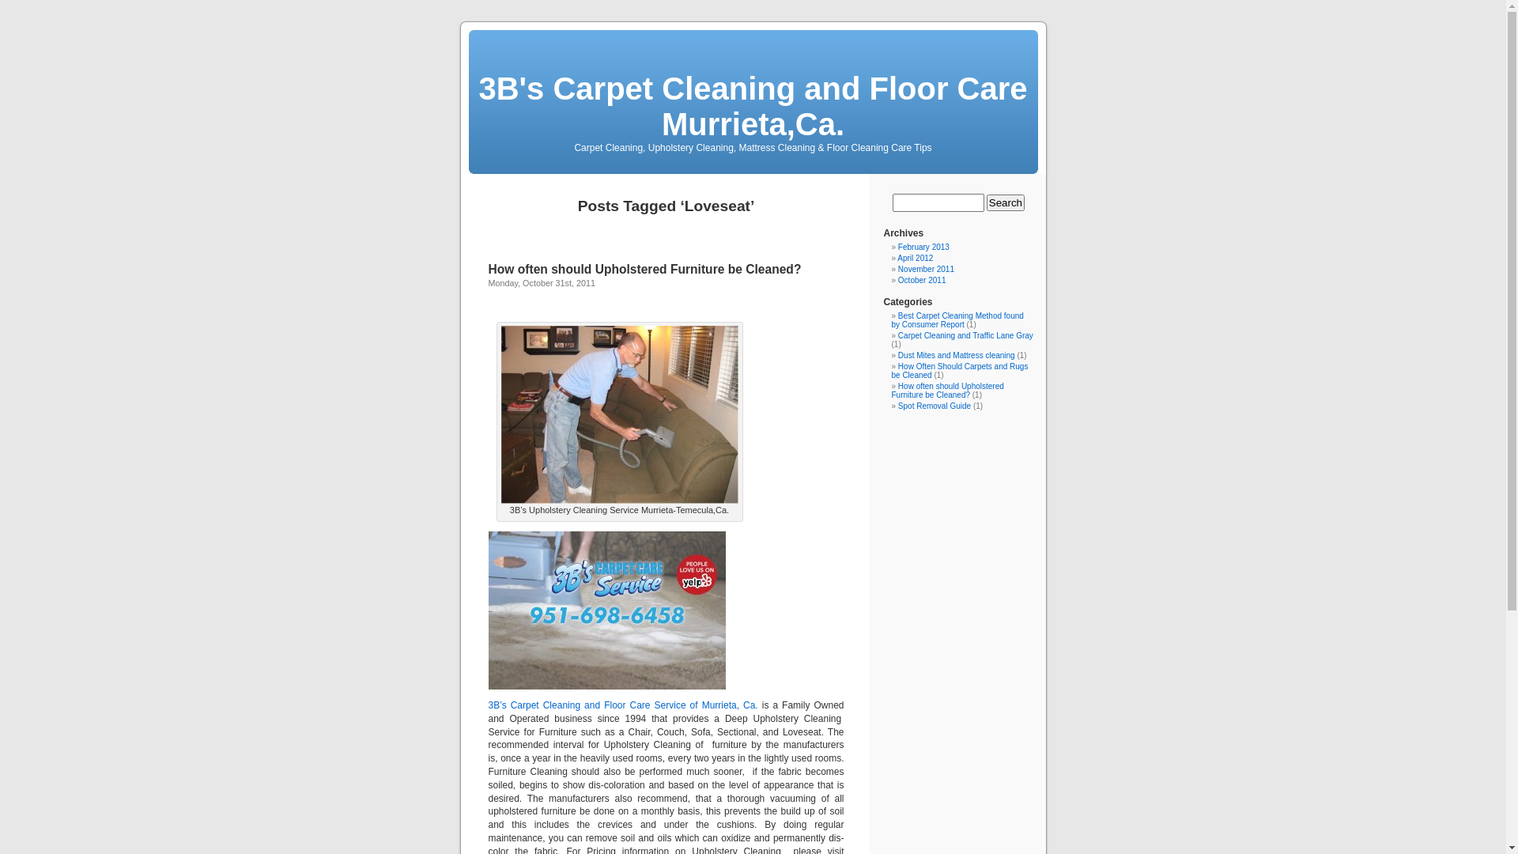  Describe the element at coordinates (934, 405) in the screenshot. I see `'Spot Removal Guide'` at that location.